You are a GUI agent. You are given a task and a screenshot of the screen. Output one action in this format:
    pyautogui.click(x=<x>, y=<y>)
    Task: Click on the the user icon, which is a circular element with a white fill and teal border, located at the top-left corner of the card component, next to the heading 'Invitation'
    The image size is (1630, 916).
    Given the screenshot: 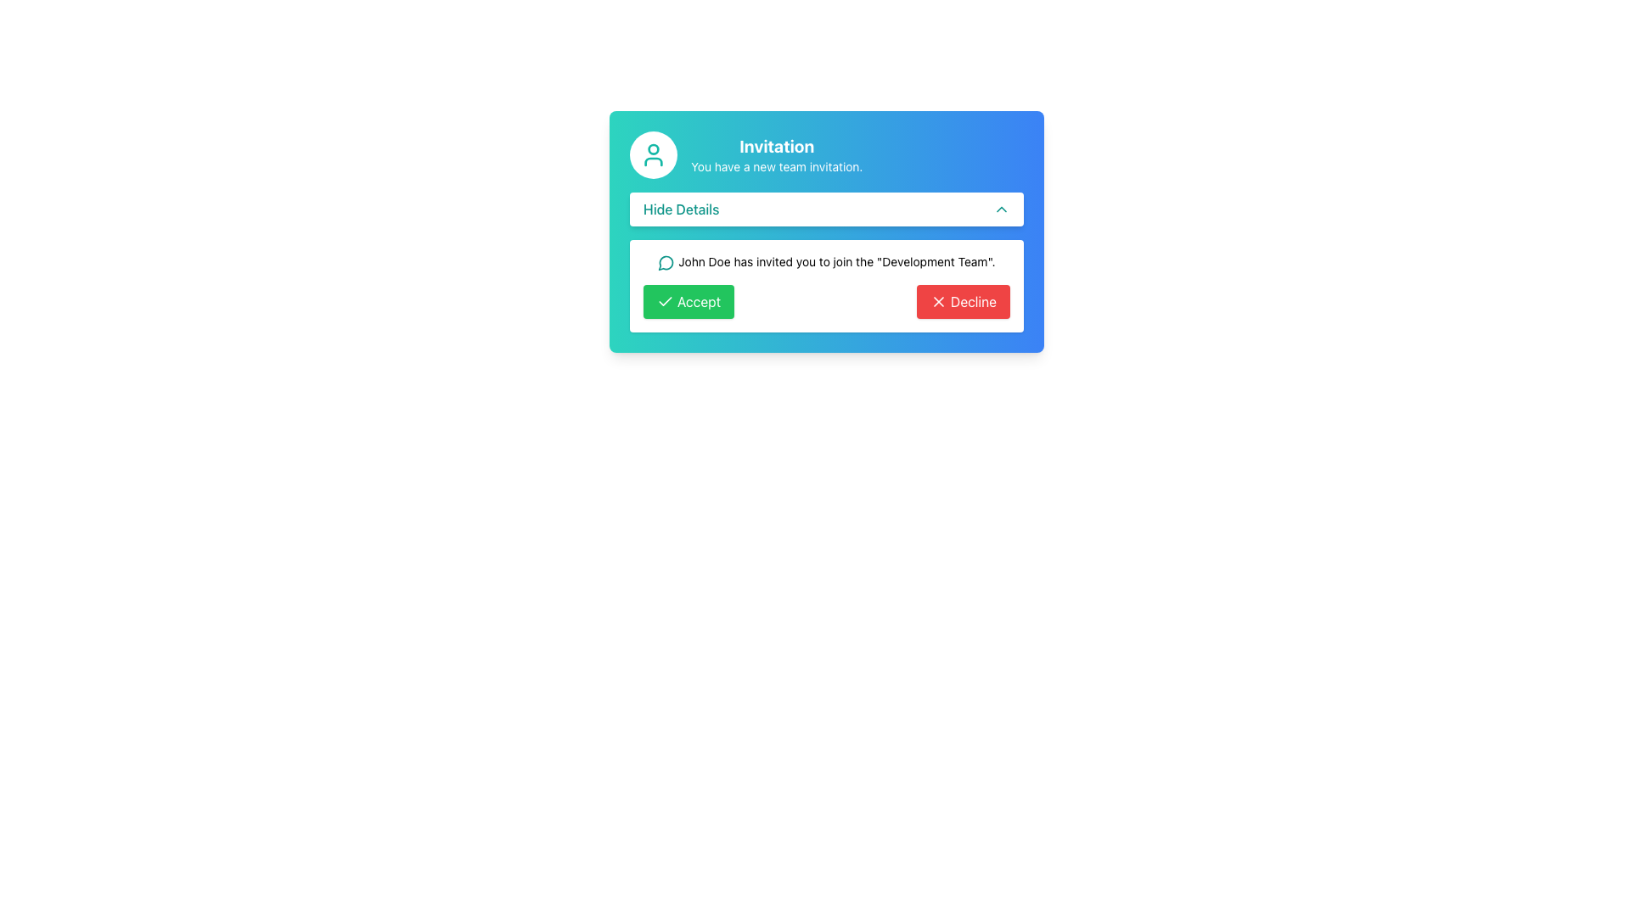 What is the action you would take?
    pyautogui.click(x=652, y=154)
    